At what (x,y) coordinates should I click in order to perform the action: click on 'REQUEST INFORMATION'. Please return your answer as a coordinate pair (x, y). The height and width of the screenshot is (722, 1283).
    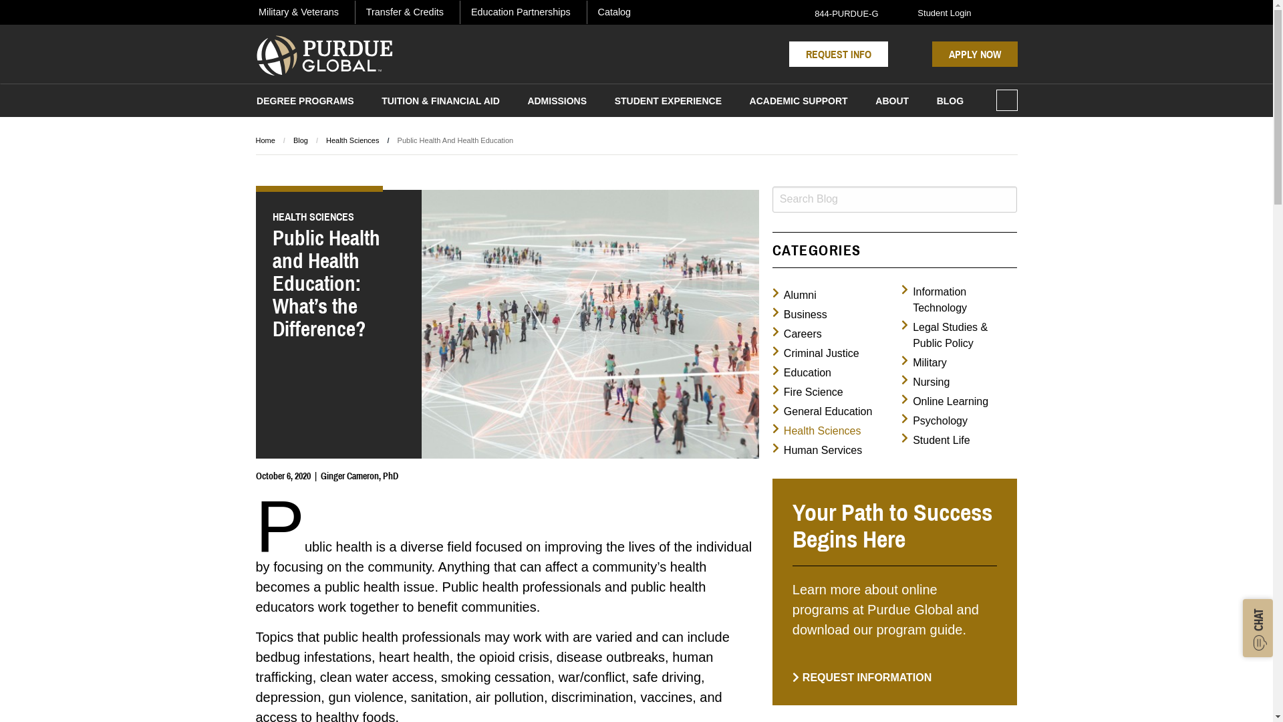
    Looking at the image, I should click on (862, 677).